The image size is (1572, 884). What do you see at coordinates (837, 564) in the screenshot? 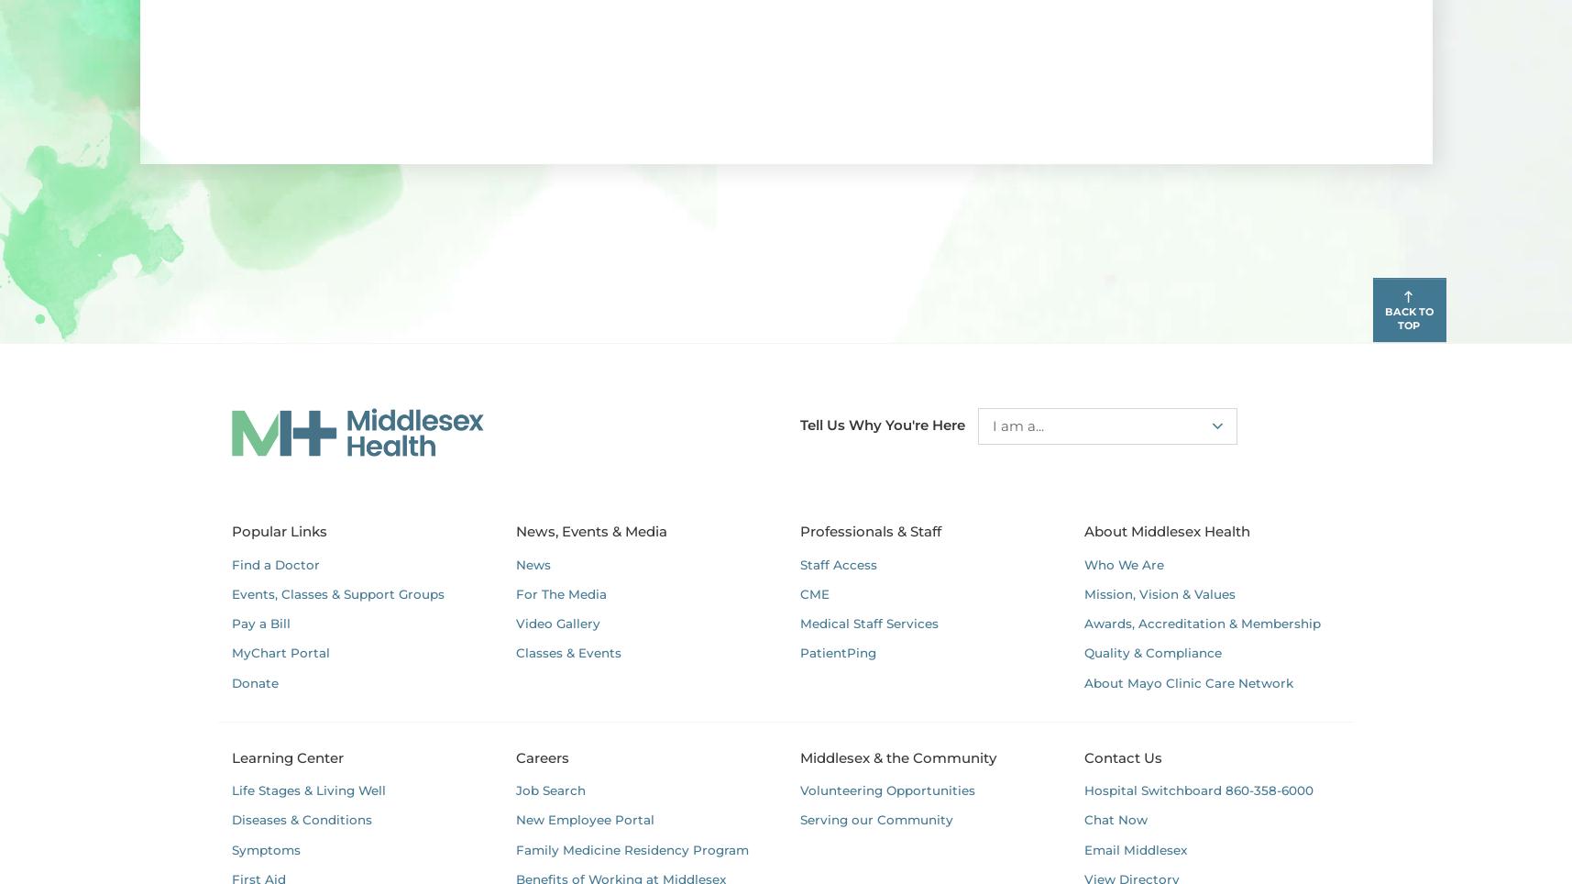
I see `'Staff Access'` at bounding box center [837, 564].